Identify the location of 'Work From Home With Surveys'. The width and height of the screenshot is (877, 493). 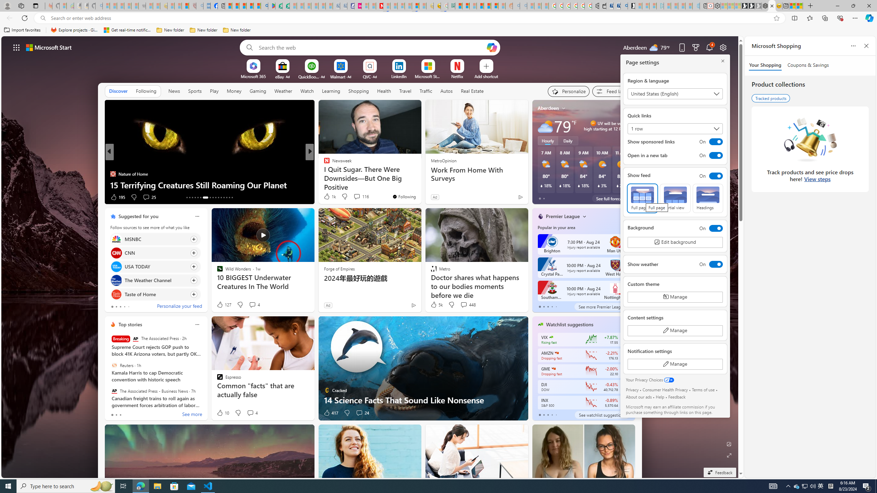
(476, 174).